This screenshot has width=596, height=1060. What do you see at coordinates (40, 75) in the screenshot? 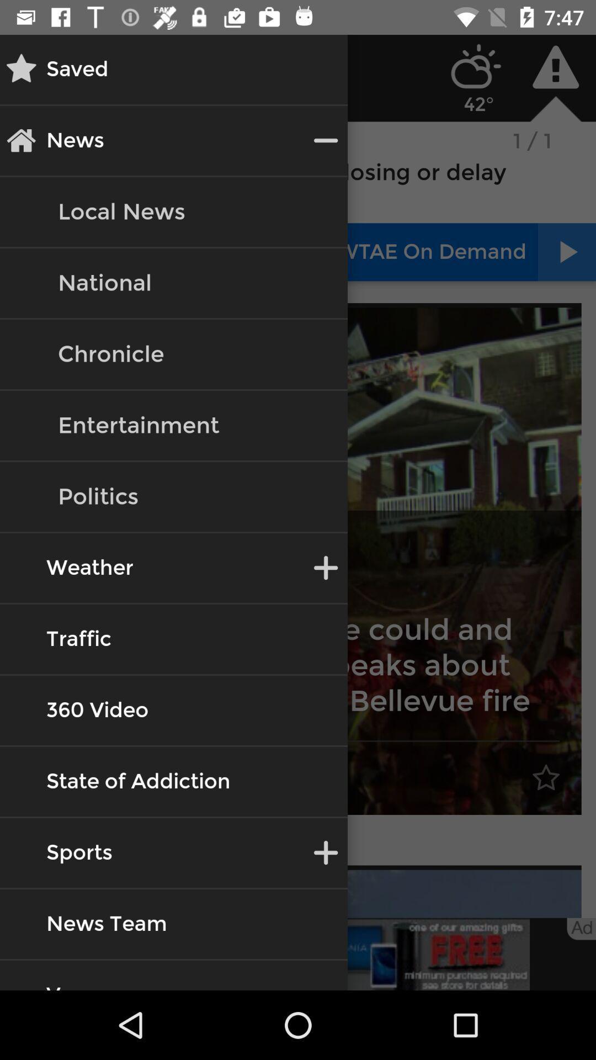
I see `the star icon` at bounding box center [40, 75].